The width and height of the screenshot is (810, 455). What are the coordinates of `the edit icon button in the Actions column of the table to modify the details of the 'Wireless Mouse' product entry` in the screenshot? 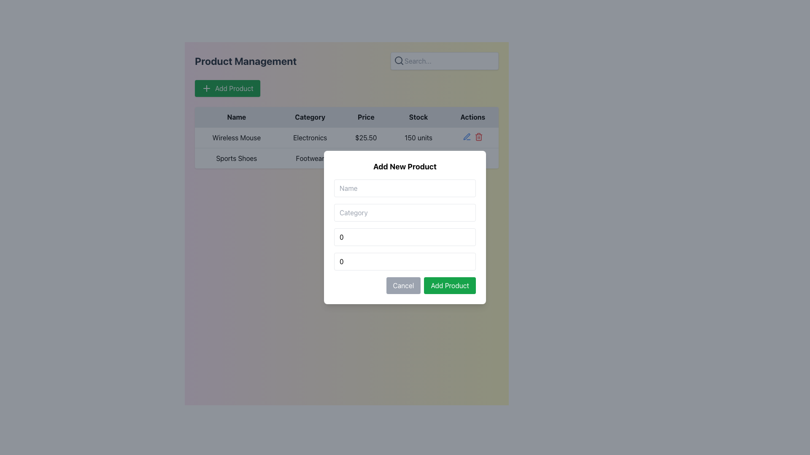 It's located at (466, 136).